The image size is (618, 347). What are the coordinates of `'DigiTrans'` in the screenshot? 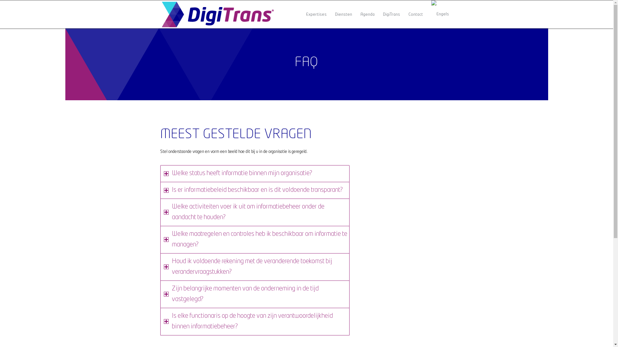 It's located at (379, 14).